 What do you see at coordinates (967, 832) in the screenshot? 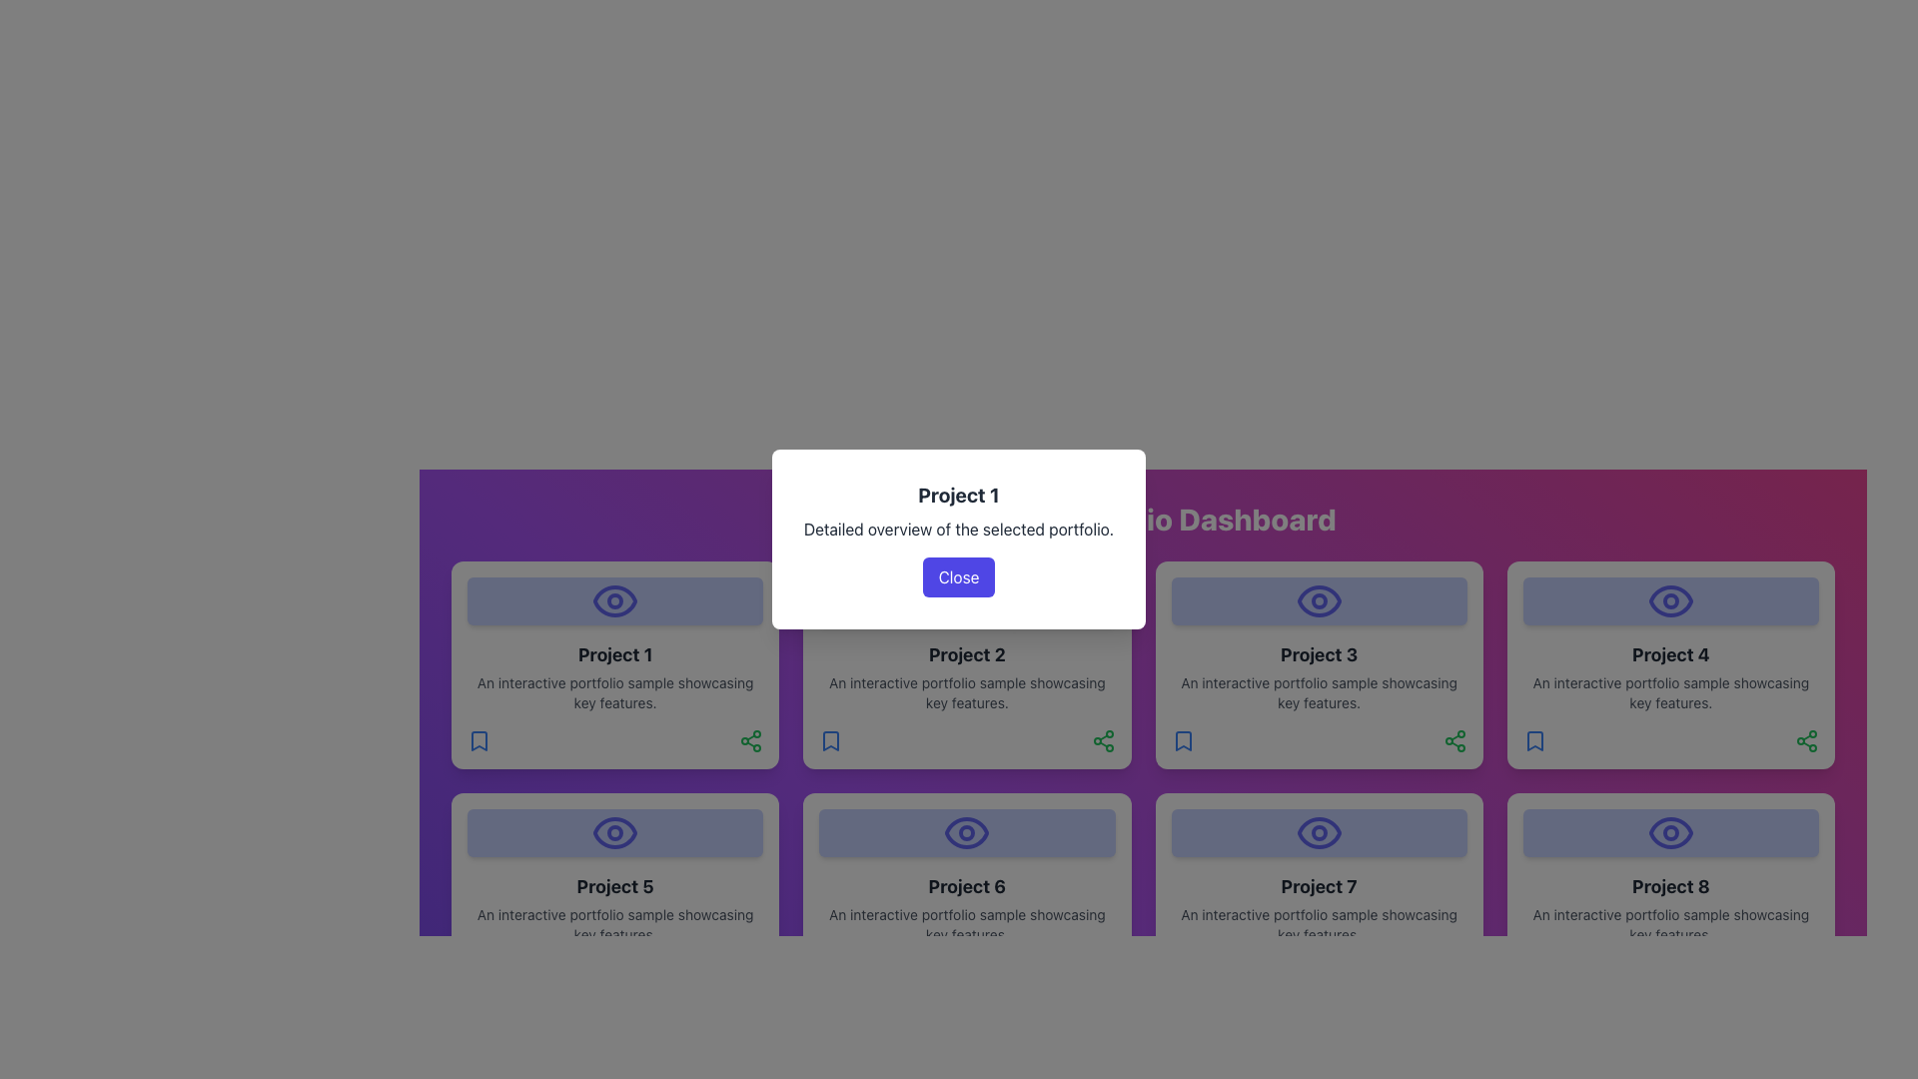
I see `the eye-shaped icon located in the second row, second column of the card layout, which is labeled 'Project 6'` at bounding box center [967, 832].